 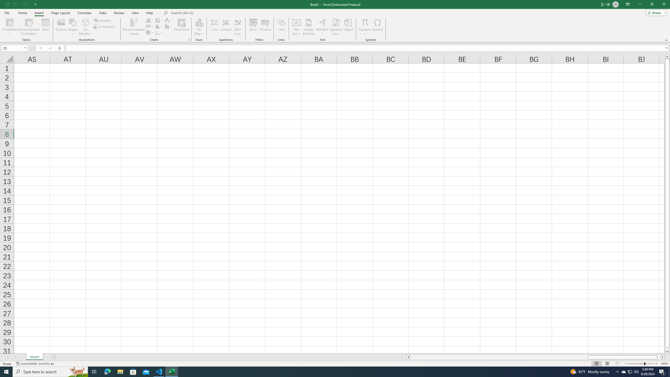 I want to click on 'Zoom Out', so click(x=636, y=364).